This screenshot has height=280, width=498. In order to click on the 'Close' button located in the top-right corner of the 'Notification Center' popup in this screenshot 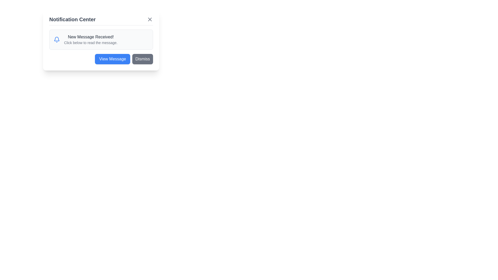, I will do `click(149, 19)`.